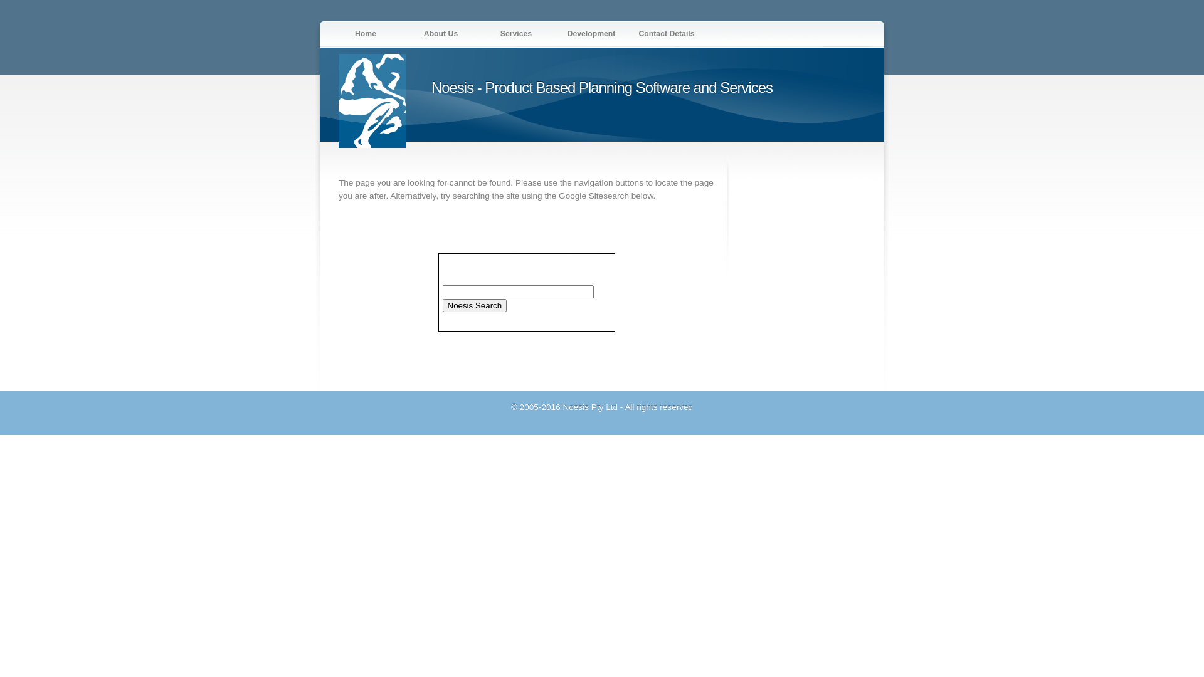 The image size is (1204, 677). I want to click on 'Home', so click(364, 33).